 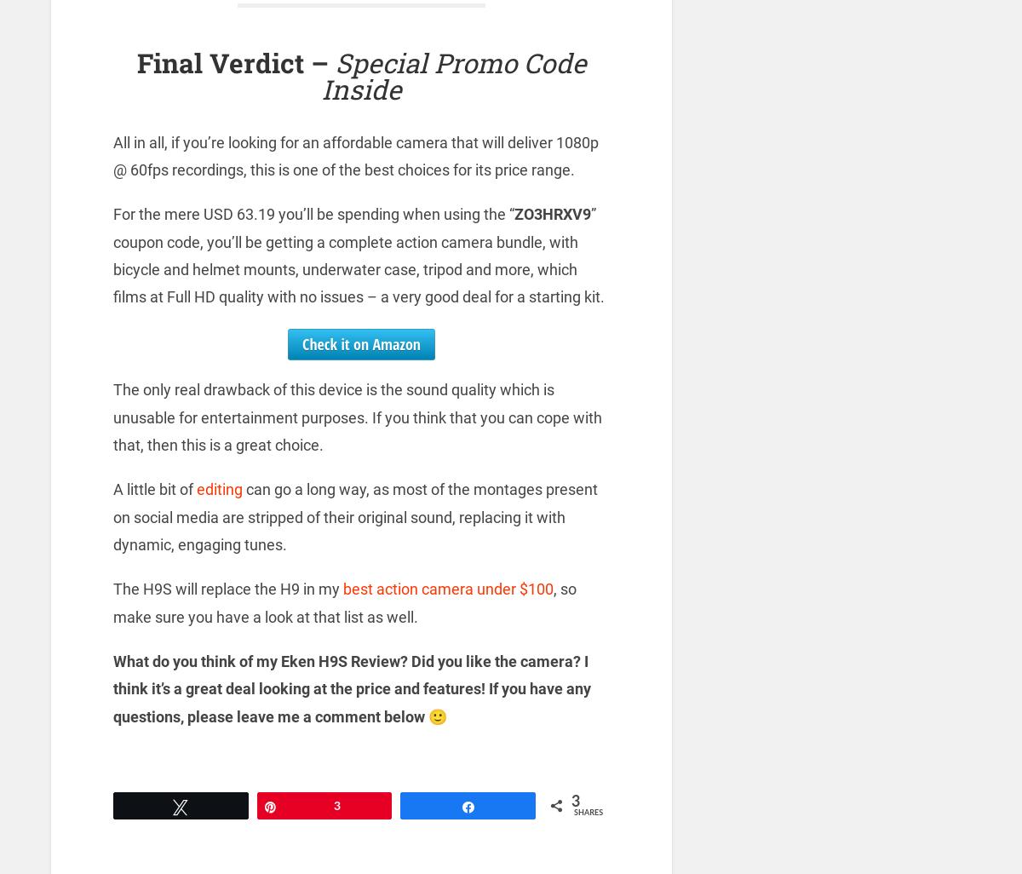 I want to click on 'The H9S will replace the H9 in my', so click(x=227, y=588).